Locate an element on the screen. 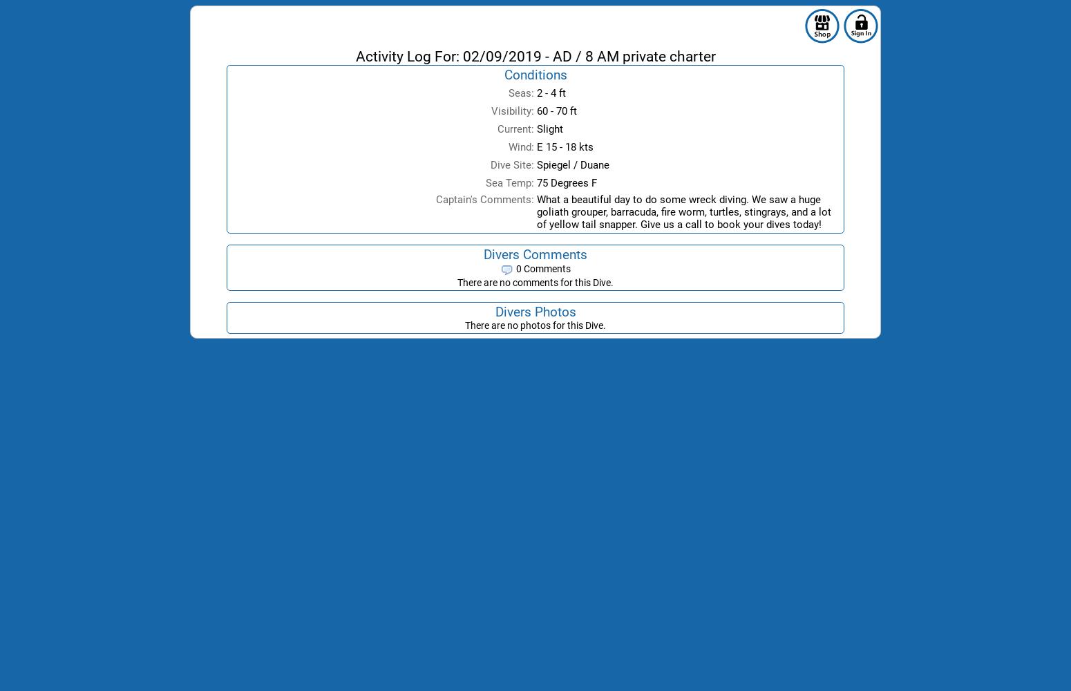 This screenshot has width=1071, height=691. 'Current:' is located at coordinates (515, 129).